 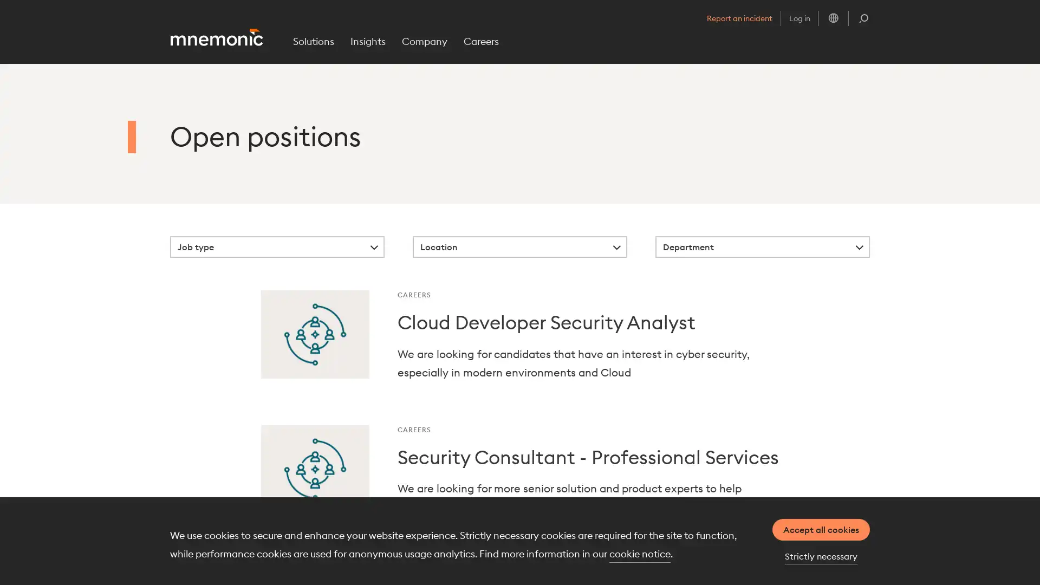 What do you see at coordinates (821, 529) in the screenshot?
I see `Accept all cookies` at bounding box center [821, 529].